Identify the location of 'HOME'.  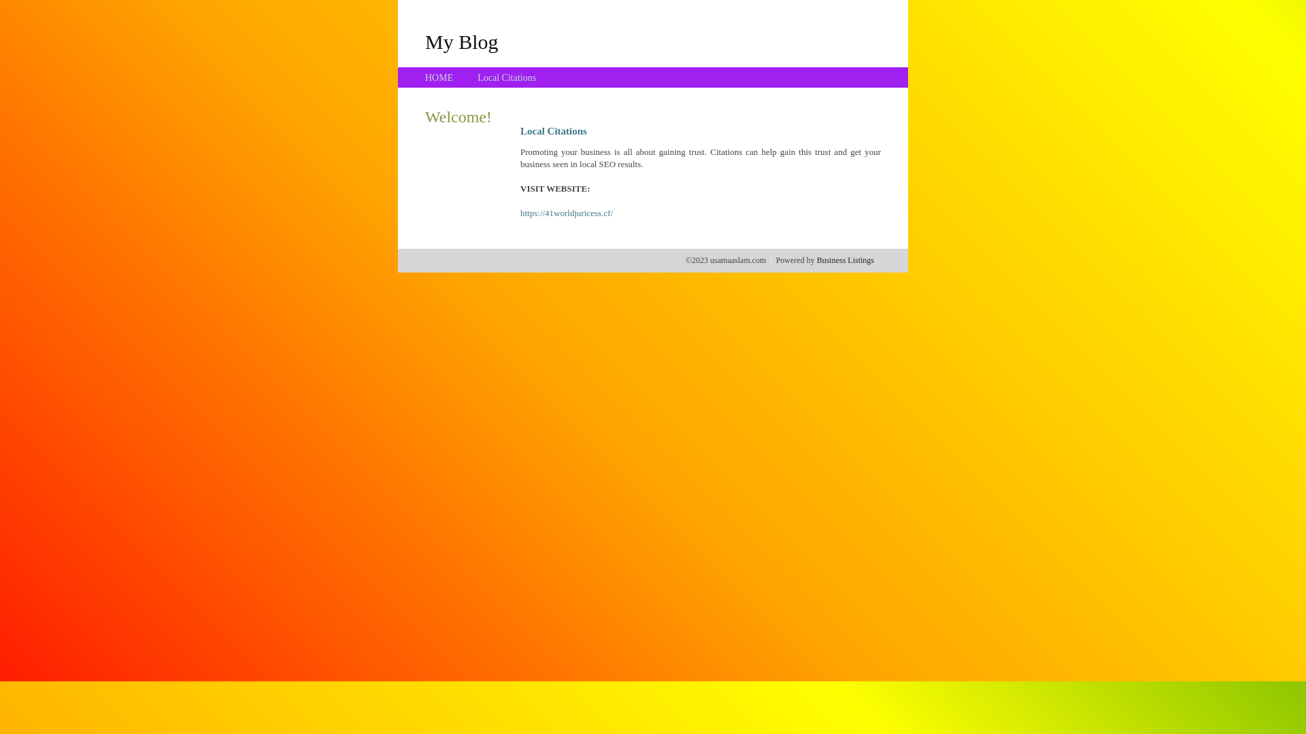
(439, 77).